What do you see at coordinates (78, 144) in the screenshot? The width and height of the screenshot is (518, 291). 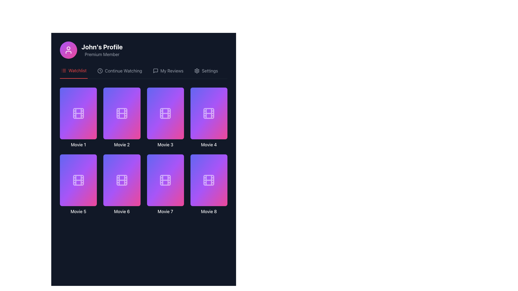 I see `the Text label that serves as a descriptor for the associated movie thumbnail, located directly beneath the first movie thumbnail in the grid layout` at bounding box center [78, 144].